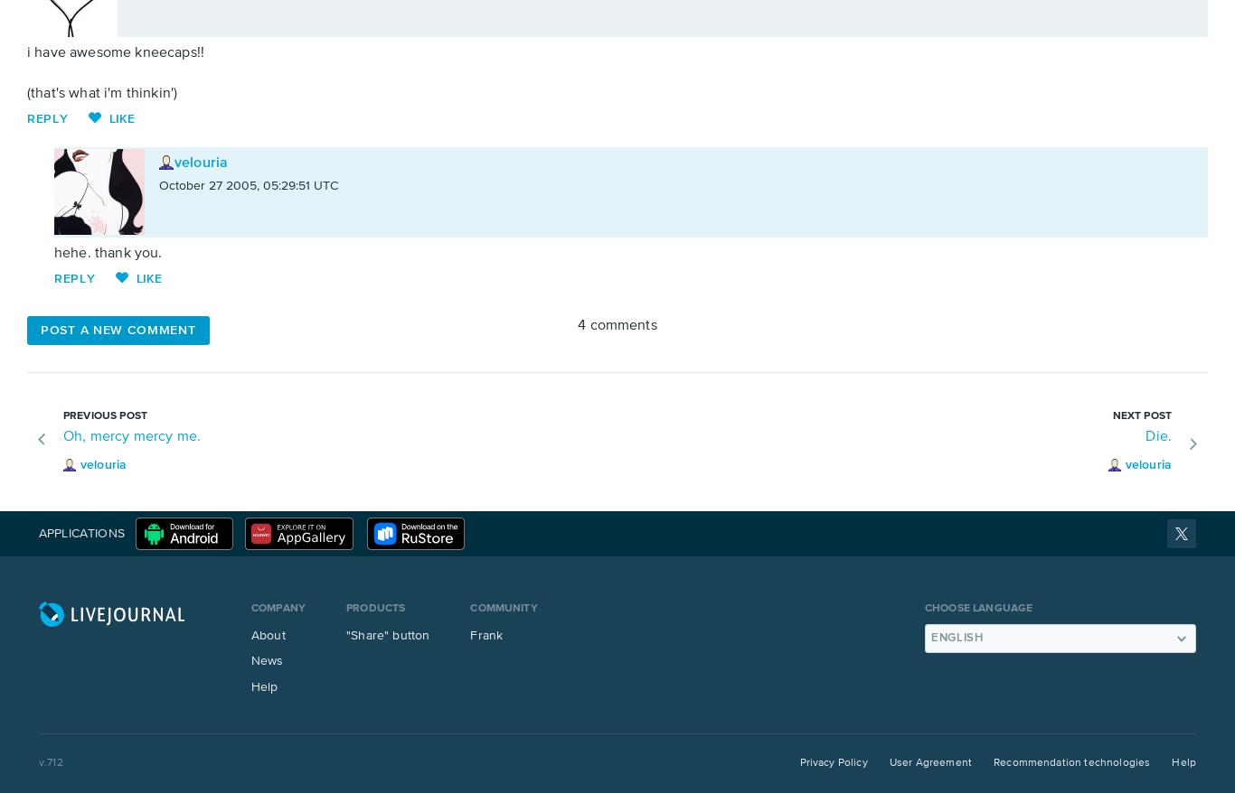  I want to click on 'Die.', so click(1144, 435).